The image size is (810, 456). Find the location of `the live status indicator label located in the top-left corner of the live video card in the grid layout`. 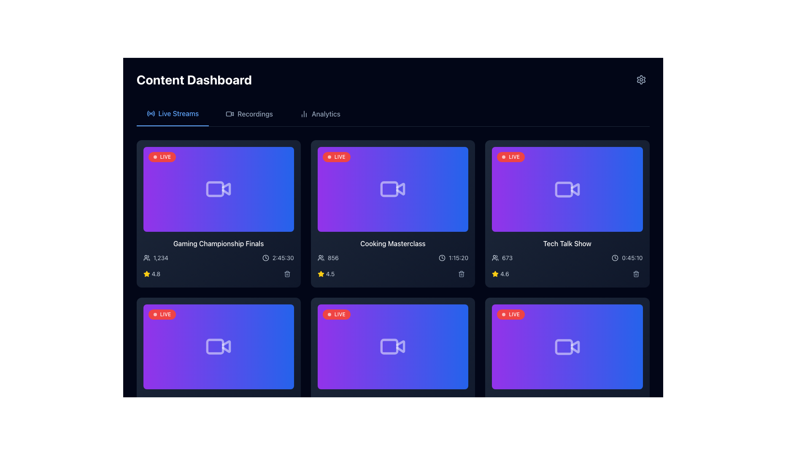

the live status indicator label located in the top-left corner of the live video card in the grid layout is located at coordinates (336, 314).